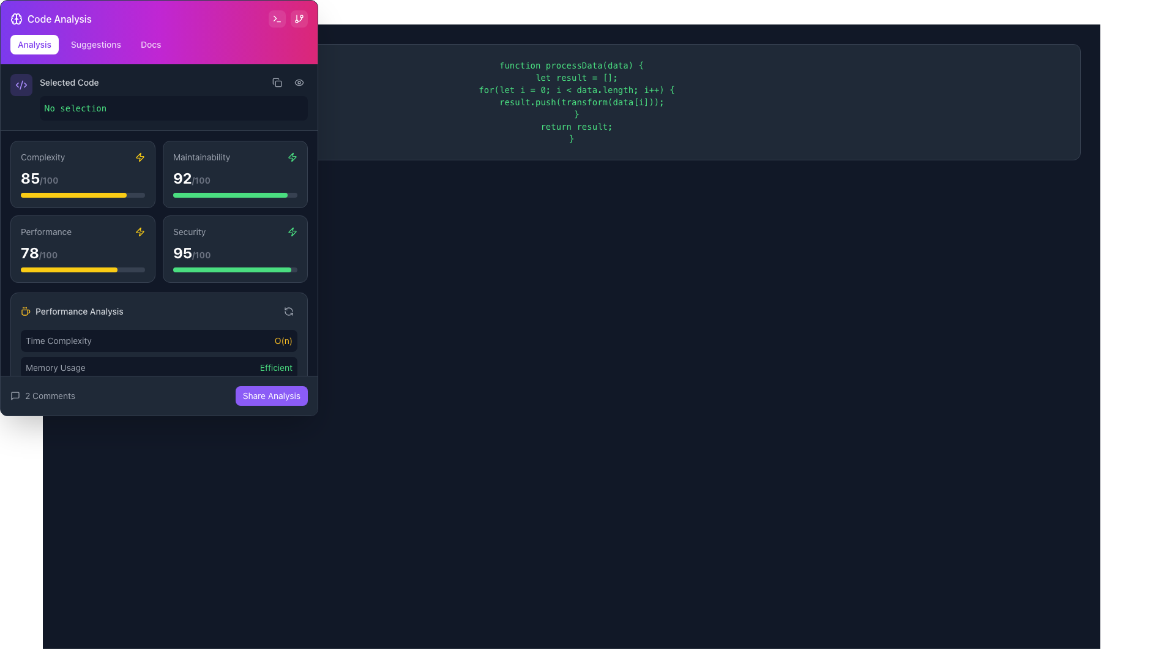 The height and width of the screenshot is (661, 1175). Describe the element at coordinates (571, 101) in the screenshot. I see `the code block that contains JavaScript code defining a function named 'processData', which is styled in light green color and formatted in monospace font` at that location.